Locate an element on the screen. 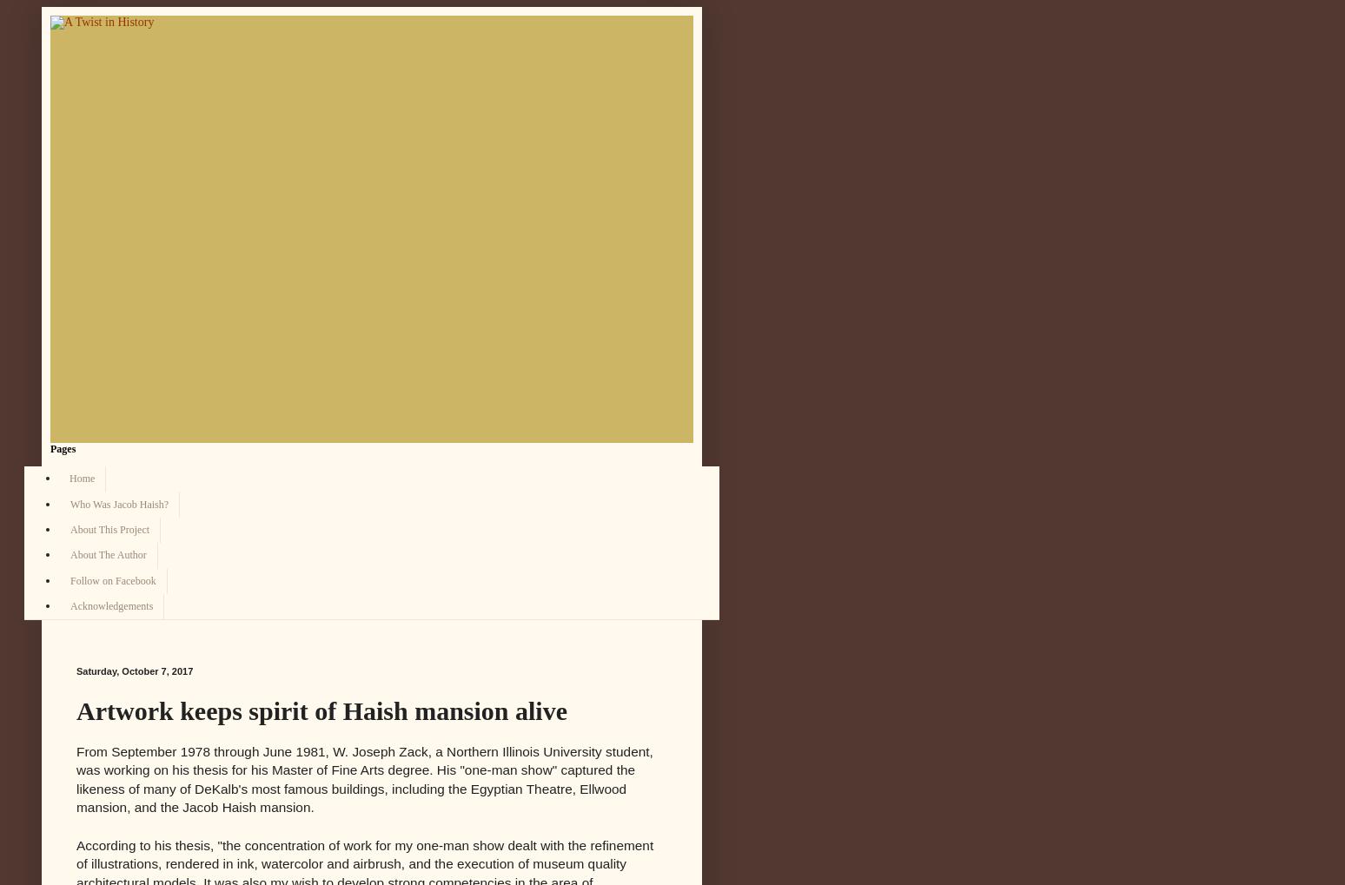 The height and width of the screenshot is (885, 1345). 'Acknowledgements' is located at coordinates (111, 606).